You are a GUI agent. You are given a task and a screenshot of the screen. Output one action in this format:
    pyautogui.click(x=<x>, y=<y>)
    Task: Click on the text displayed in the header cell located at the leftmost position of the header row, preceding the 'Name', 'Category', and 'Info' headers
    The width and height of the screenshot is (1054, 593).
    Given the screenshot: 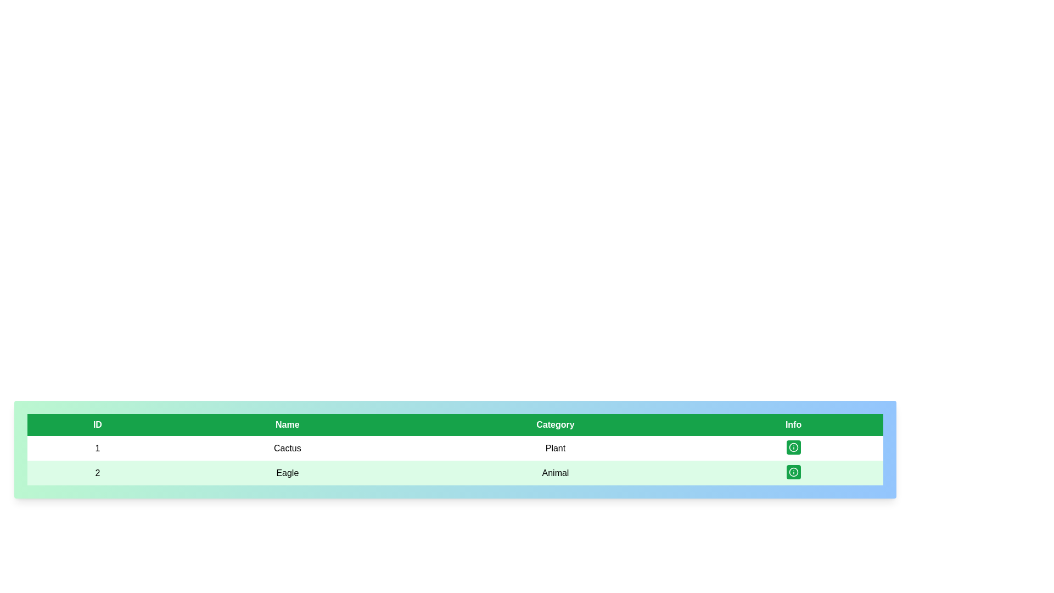 What is the action you would take?
    pyautogui.click(x=97, y=424)
    